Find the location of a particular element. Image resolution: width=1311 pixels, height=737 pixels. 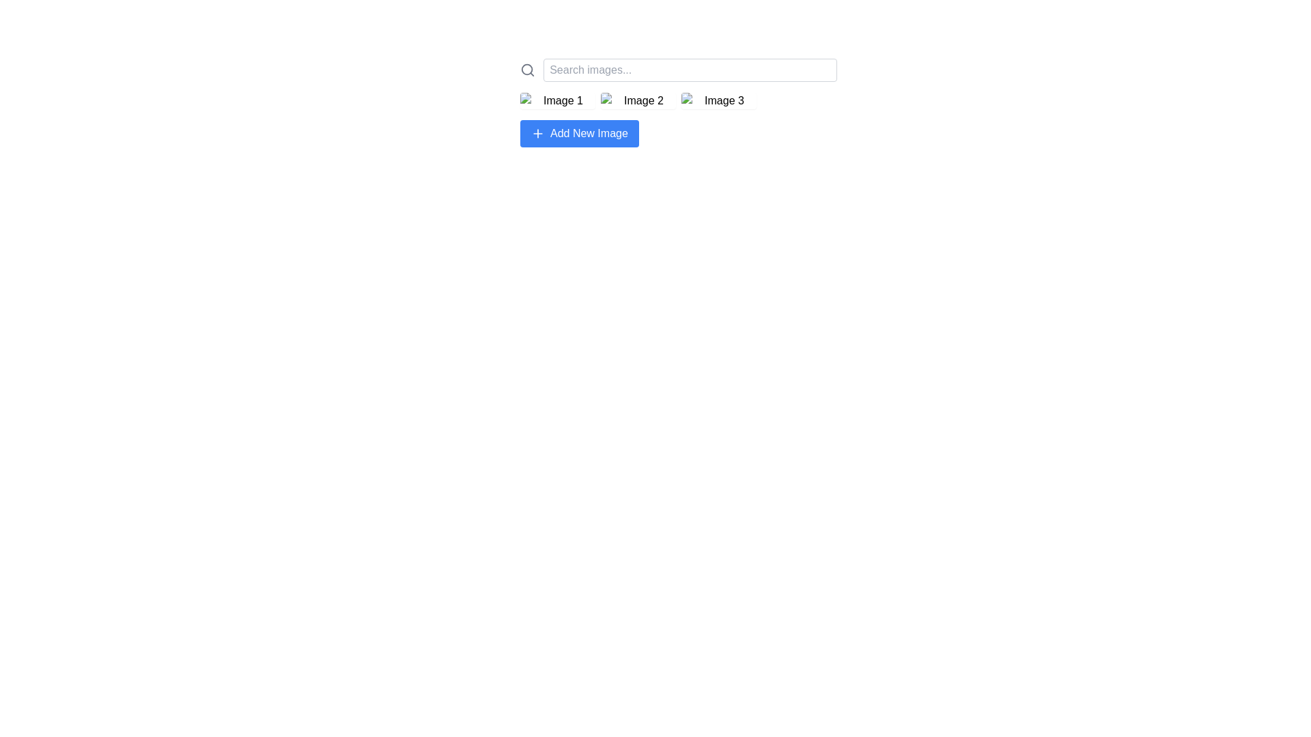

the magnifying glass icon located to the left of the rectangular search input box to initiate a search is located at coordinates (526, 70).